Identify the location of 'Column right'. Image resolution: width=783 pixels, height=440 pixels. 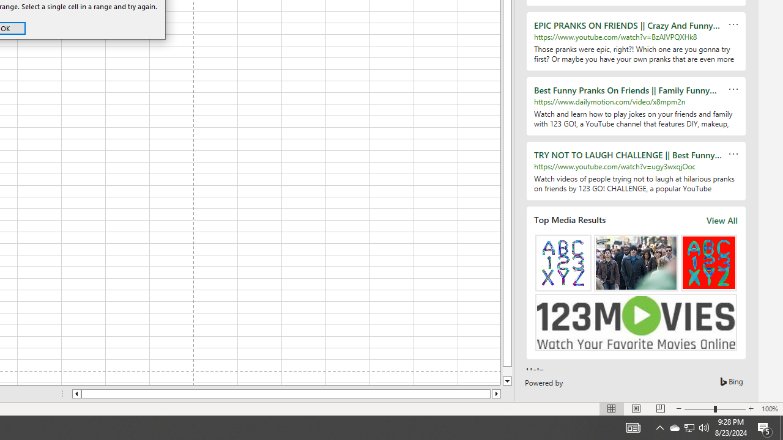
(497, 394).